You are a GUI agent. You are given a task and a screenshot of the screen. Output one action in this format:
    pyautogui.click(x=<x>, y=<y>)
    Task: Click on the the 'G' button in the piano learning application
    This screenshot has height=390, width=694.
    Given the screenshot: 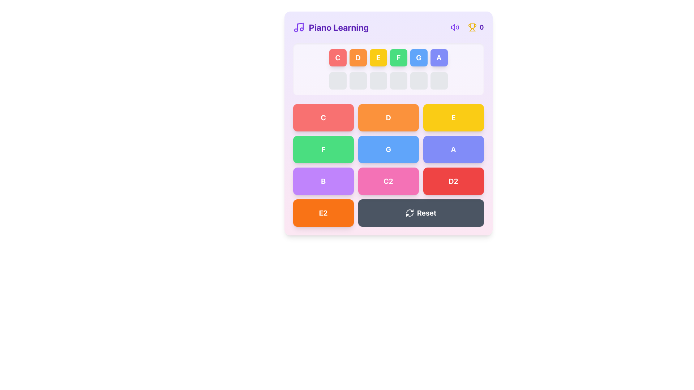 What is the action you would take?
    pyautogui.click(x=388, y=149)
    